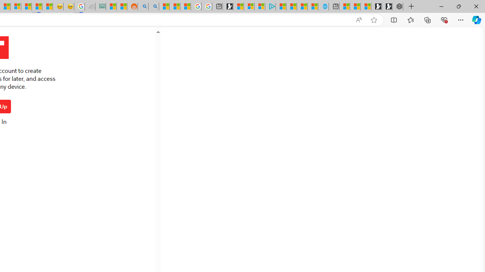 The height and width of the screenshot is (272, 485). Describe the element at coordinates (90, 6) in the screenshot. I see `'Navy Quest'` at that location.